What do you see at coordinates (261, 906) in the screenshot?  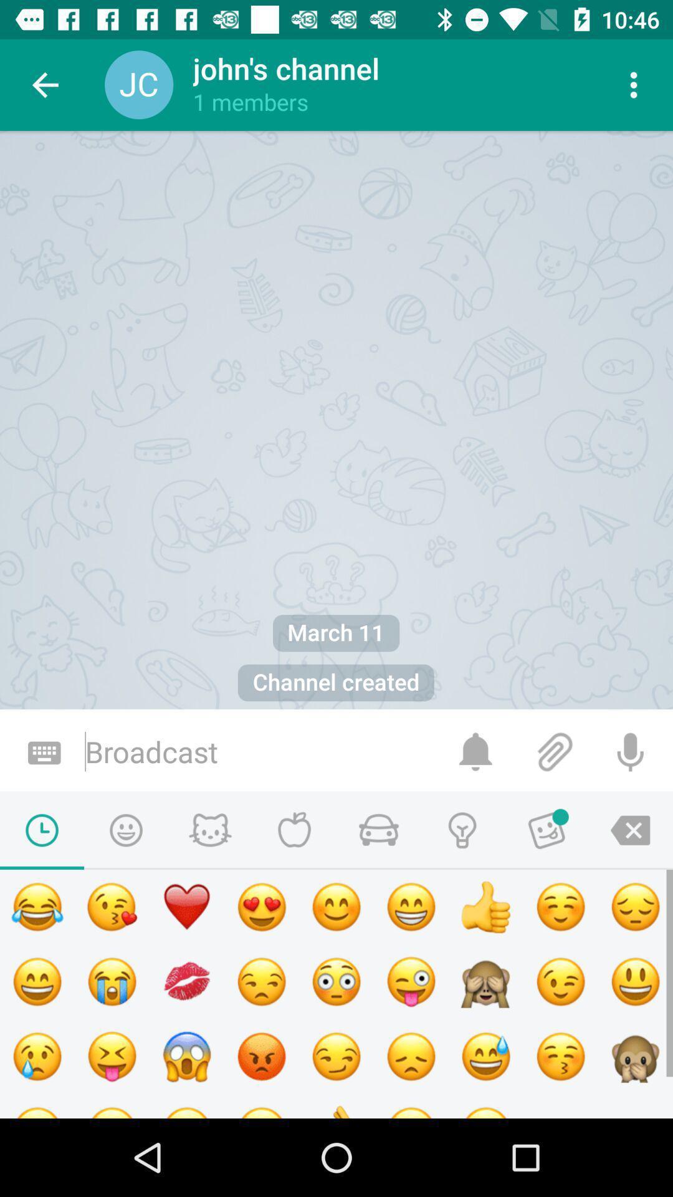 I see `the emoji icon` at bounding box center [261, 906].